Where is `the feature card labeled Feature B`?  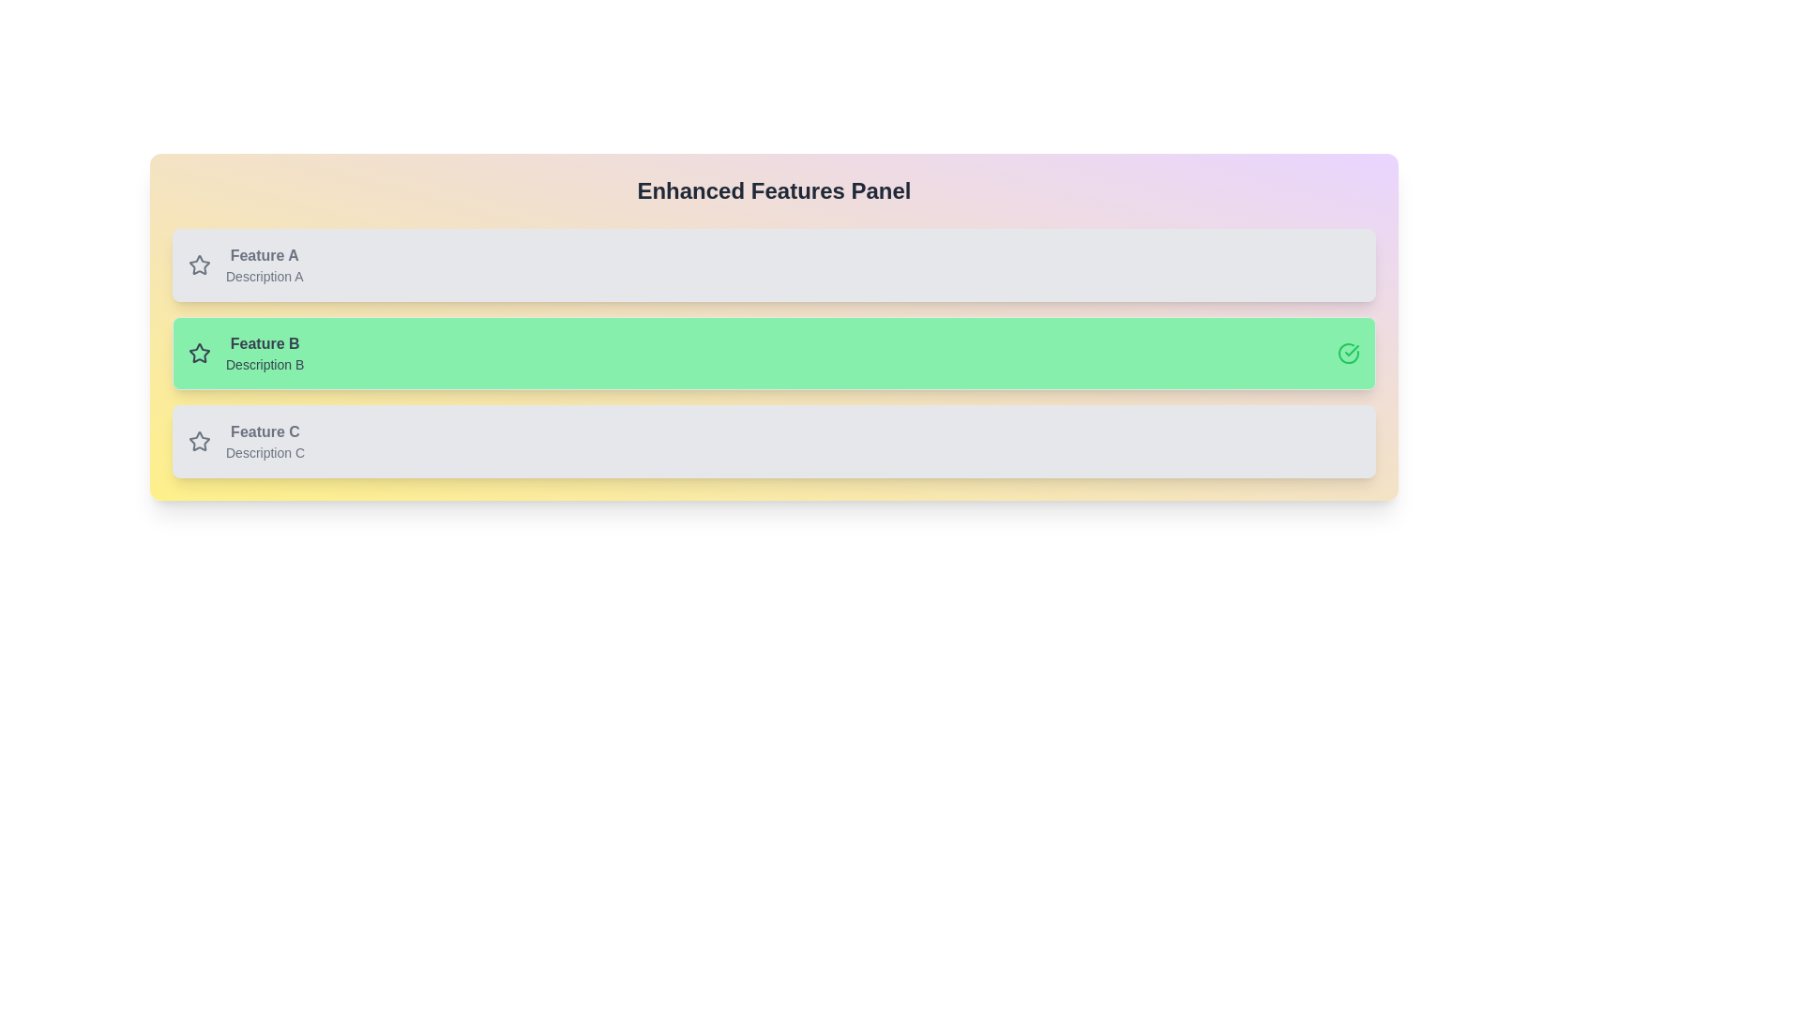 the feature card labeled Feature B is located at coordinates (774, 354).